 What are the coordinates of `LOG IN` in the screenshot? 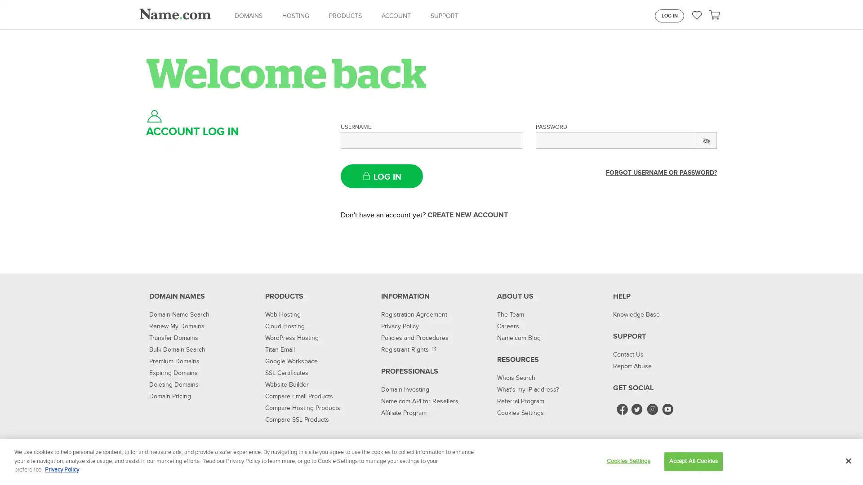 It's located at (382, 176).